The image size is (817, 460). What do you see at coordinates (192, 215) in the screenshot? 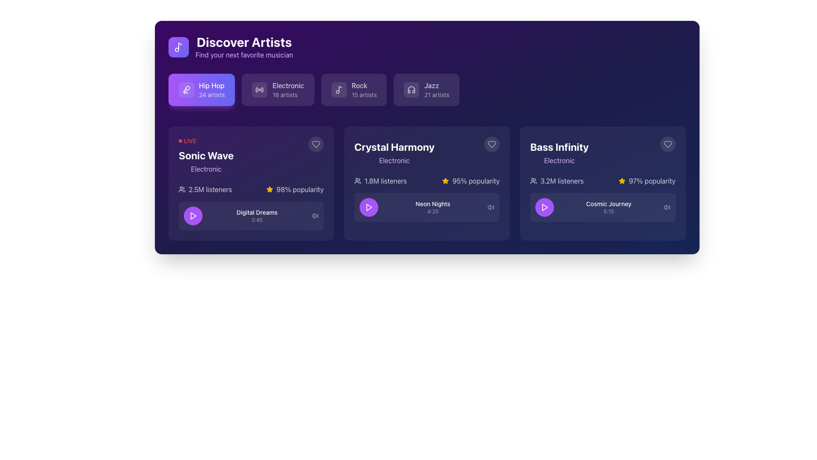
I see `the play button for the music track 'Digital Dreams' located at the bottom left of the 'Sonic Wave' card` at bounding box center [192, 215].